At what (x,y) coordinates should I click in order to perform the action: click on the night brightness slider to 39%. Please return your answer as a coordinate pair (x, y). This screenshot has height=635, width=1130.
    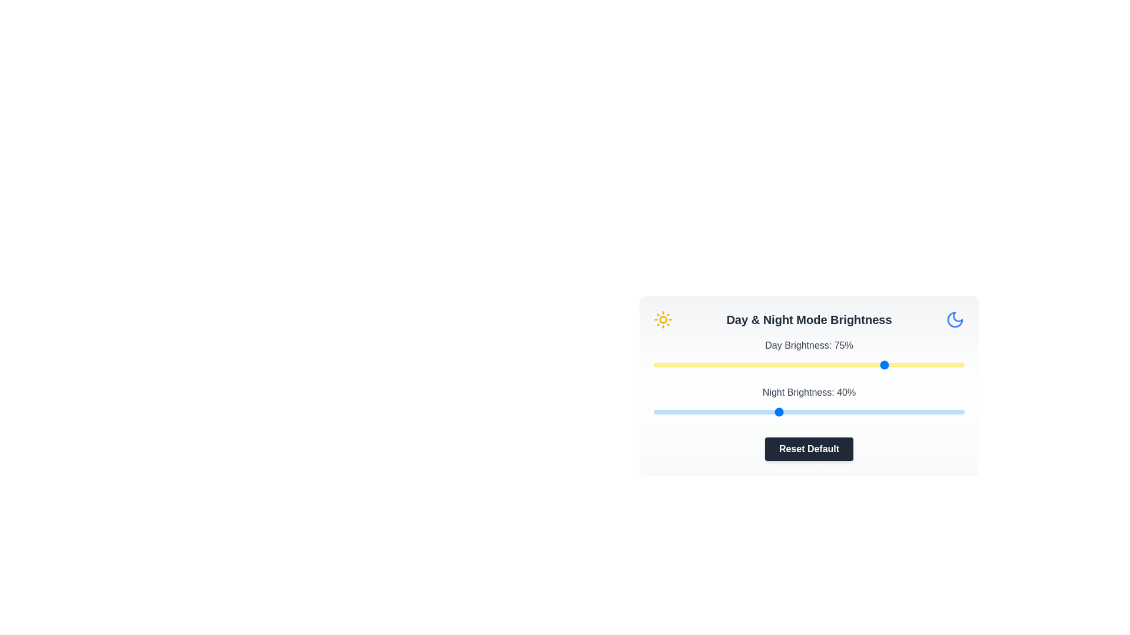
    Looking at the image, I should click on (775, 412).